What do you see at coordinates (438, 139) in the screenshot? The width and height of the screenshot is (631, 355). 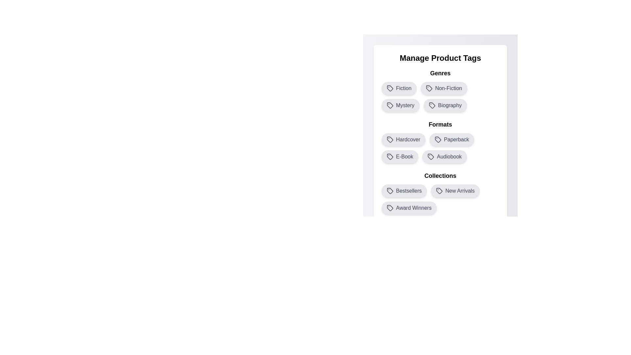 I see `the tag icon with a gray outline located to the left of the 'Paperback' text in the 'Formats' category under 'Manage Product Tags'` at bounding box center [438, 139].